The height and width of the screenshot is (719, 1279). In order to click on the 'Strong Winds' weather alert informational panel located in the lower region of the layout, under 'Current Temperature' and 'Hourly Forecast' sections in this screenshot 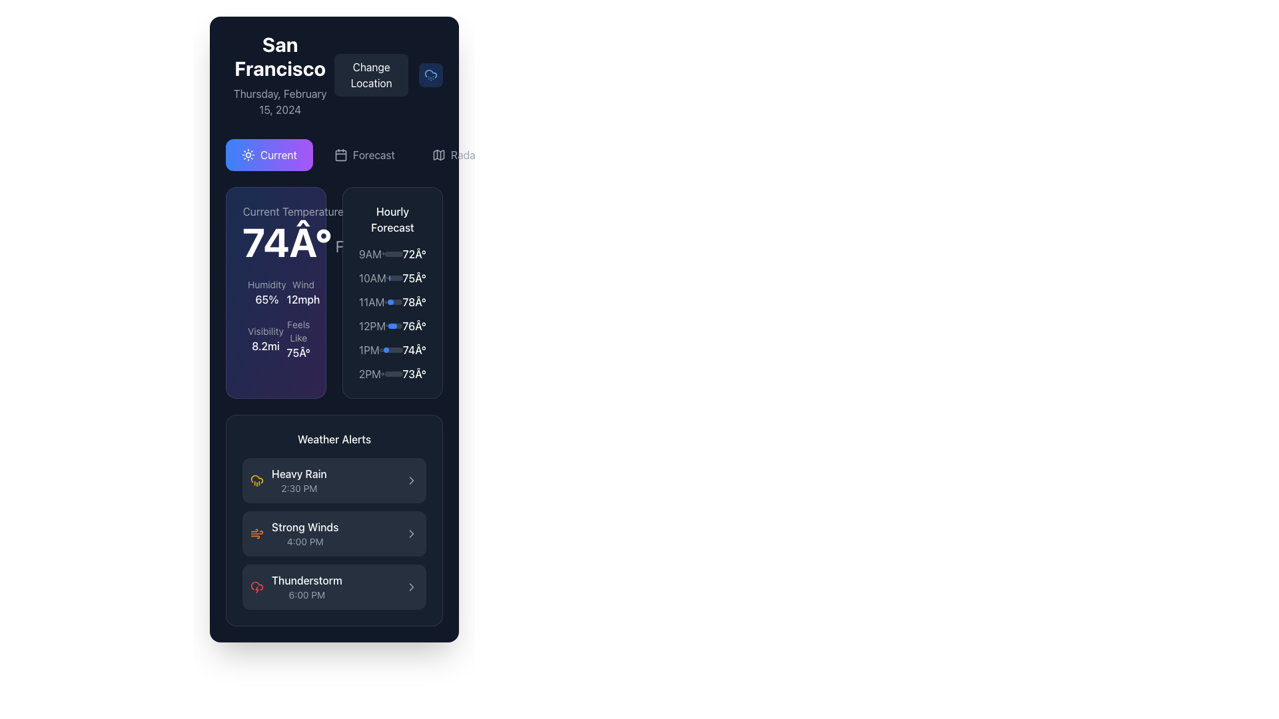, I will do `click(334, 520)`.